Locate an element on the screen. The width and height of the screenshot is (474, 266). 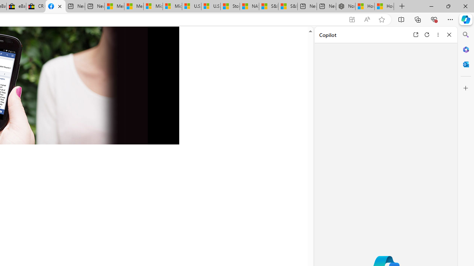
'Close' is located at coordinates (449, 34).